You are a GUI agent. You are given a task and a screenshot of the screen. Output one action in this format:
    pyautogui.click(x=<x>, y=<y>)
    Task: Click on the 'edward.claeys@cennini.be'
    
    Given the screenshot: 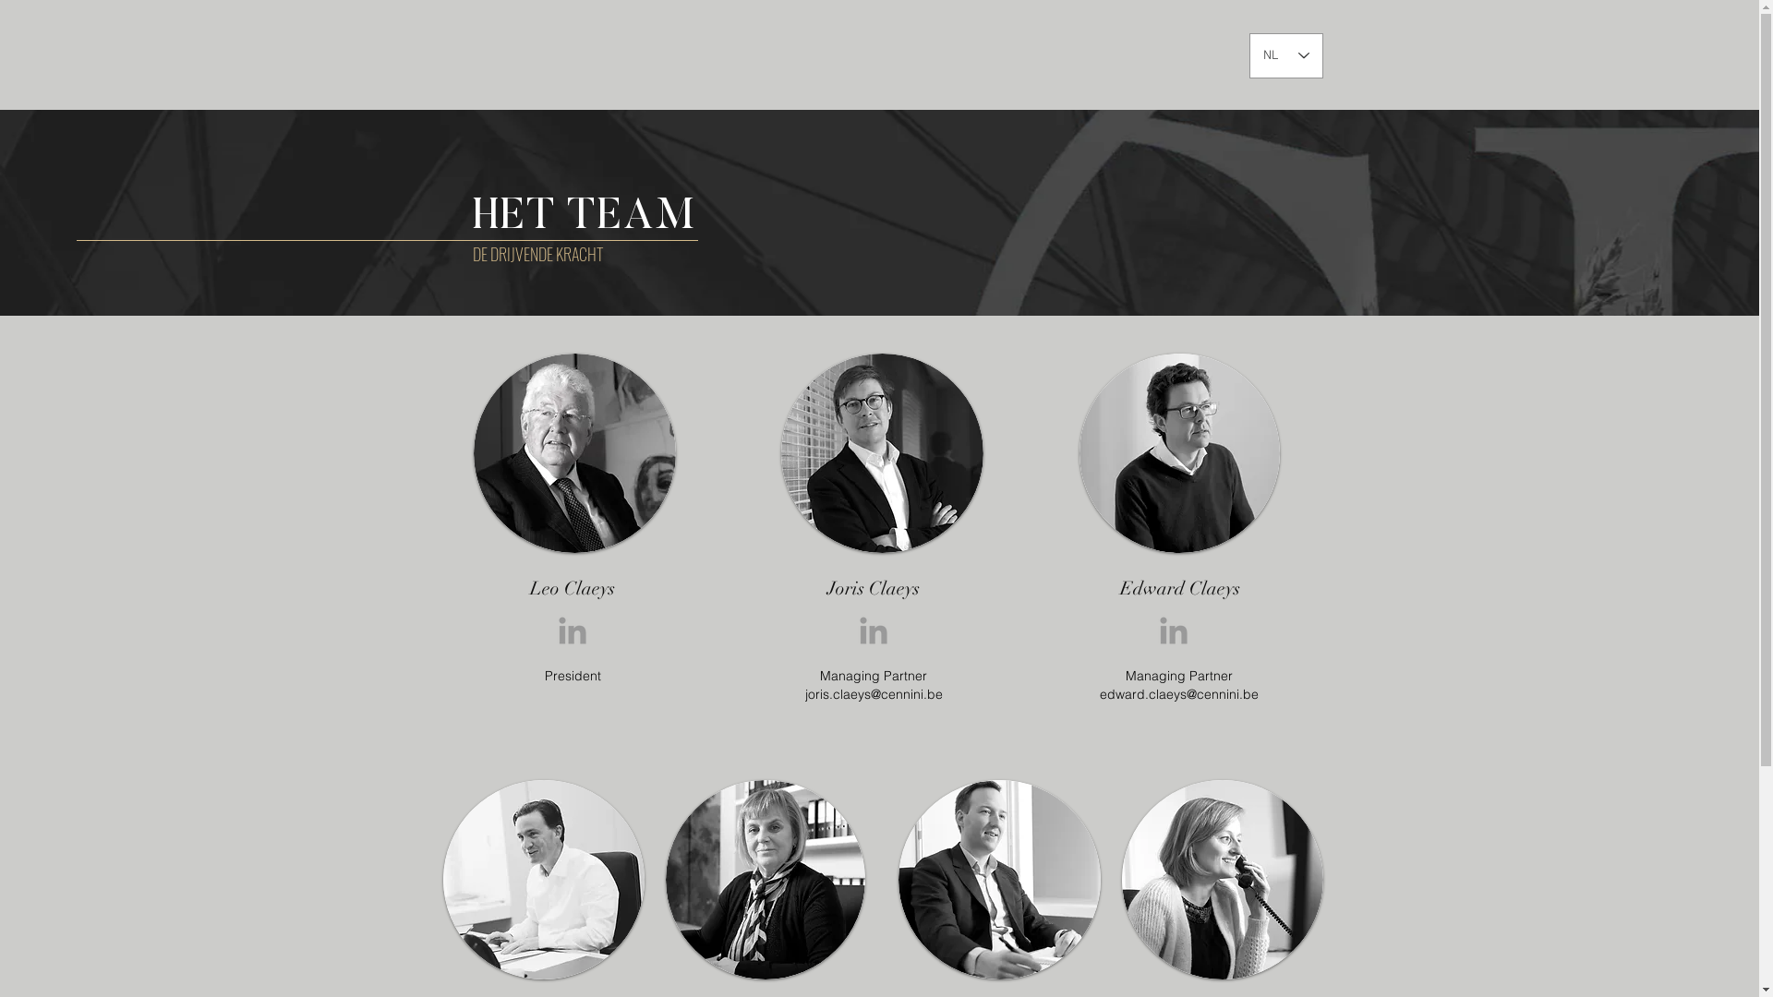 What is the action you would take?
    pyautogui.click(x=1099, y=694)
    